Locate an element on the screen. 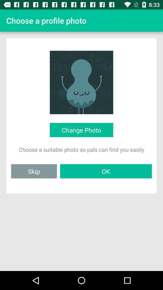 This screenshot has width=163, height=290. icon above the choose a suitable is located at coordinates (81, 130).